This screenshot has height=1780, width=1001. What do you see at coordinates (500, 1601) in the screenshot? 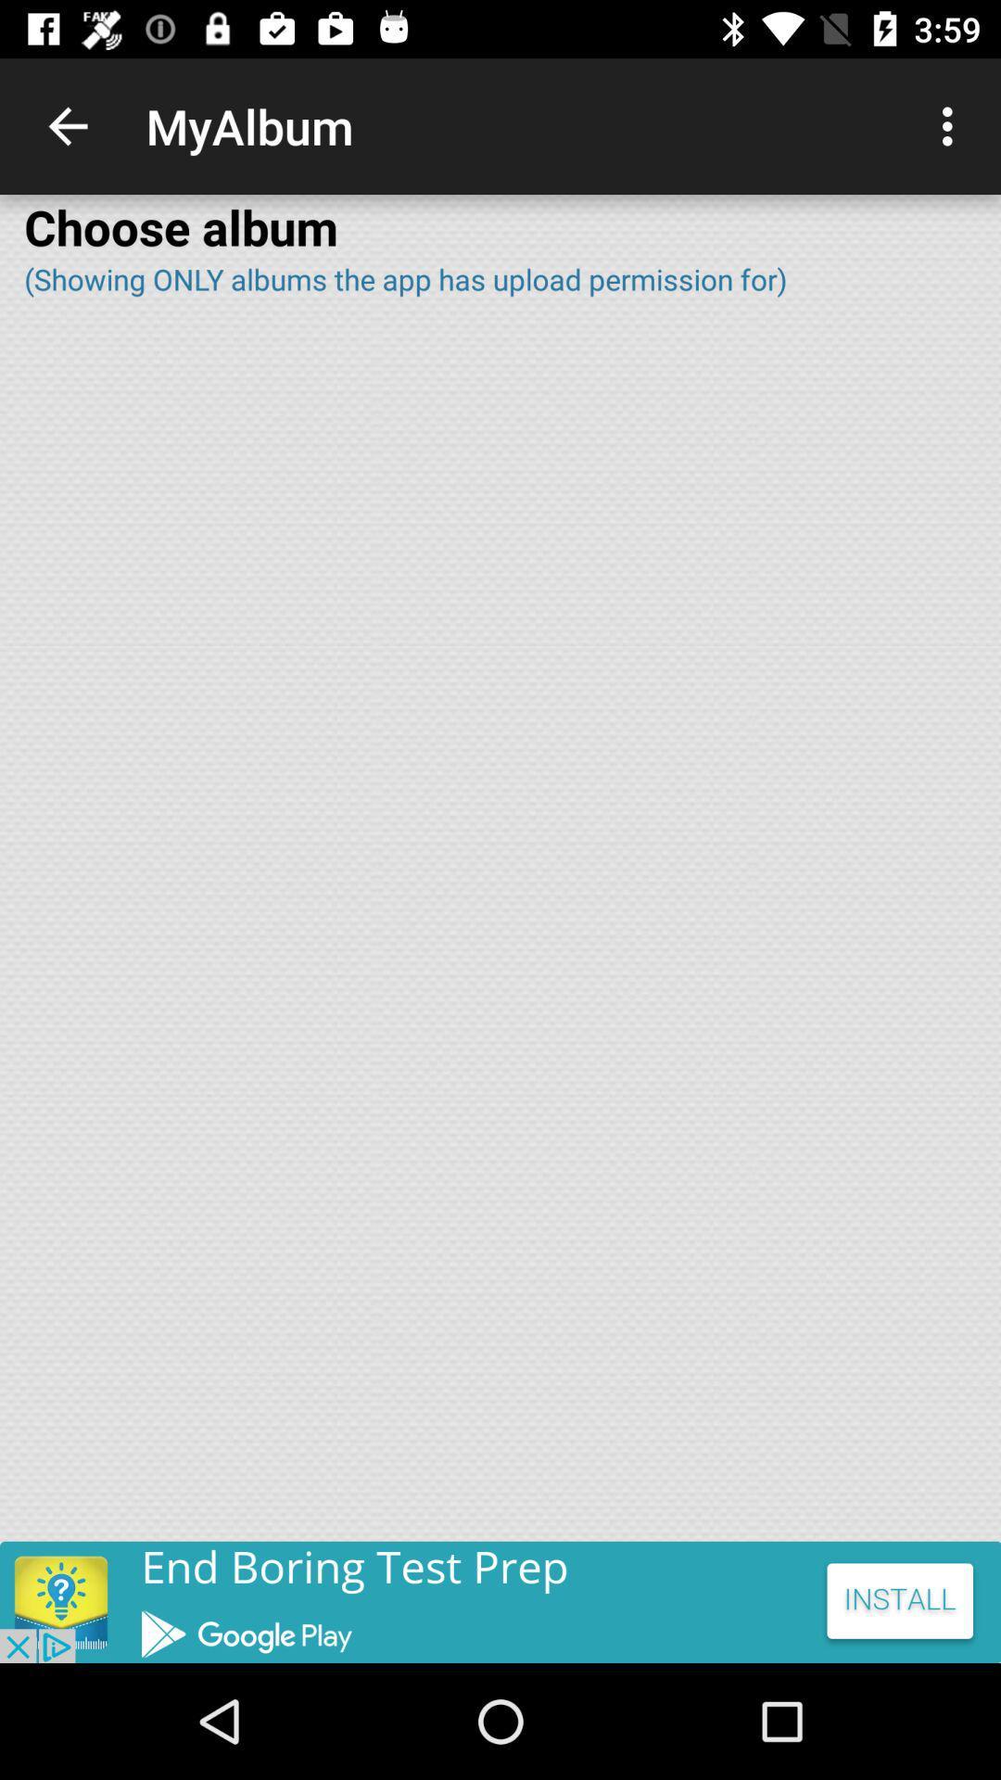
I see `clickable advertisement` at bounding box center [500, 1601].